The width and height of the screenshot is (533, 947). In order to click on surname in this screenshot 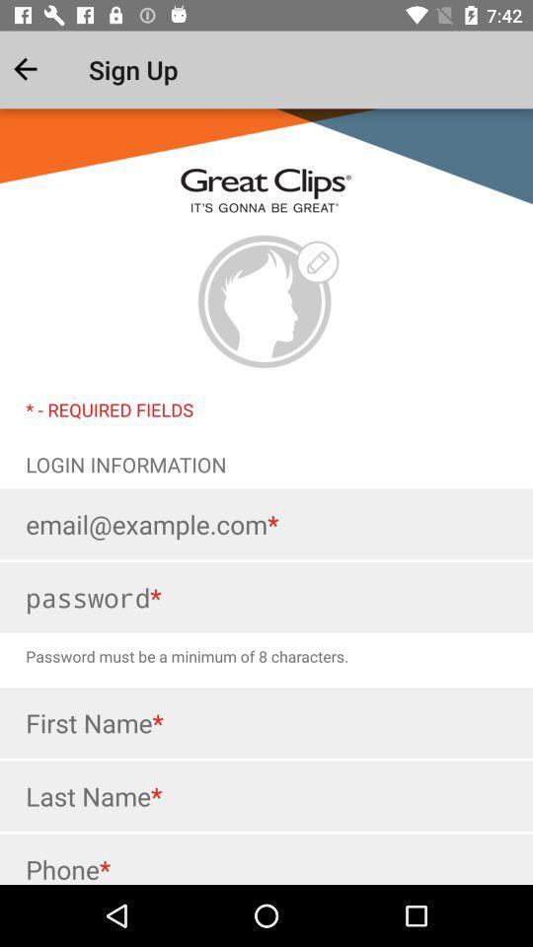, I will do `click(266, 796)`.